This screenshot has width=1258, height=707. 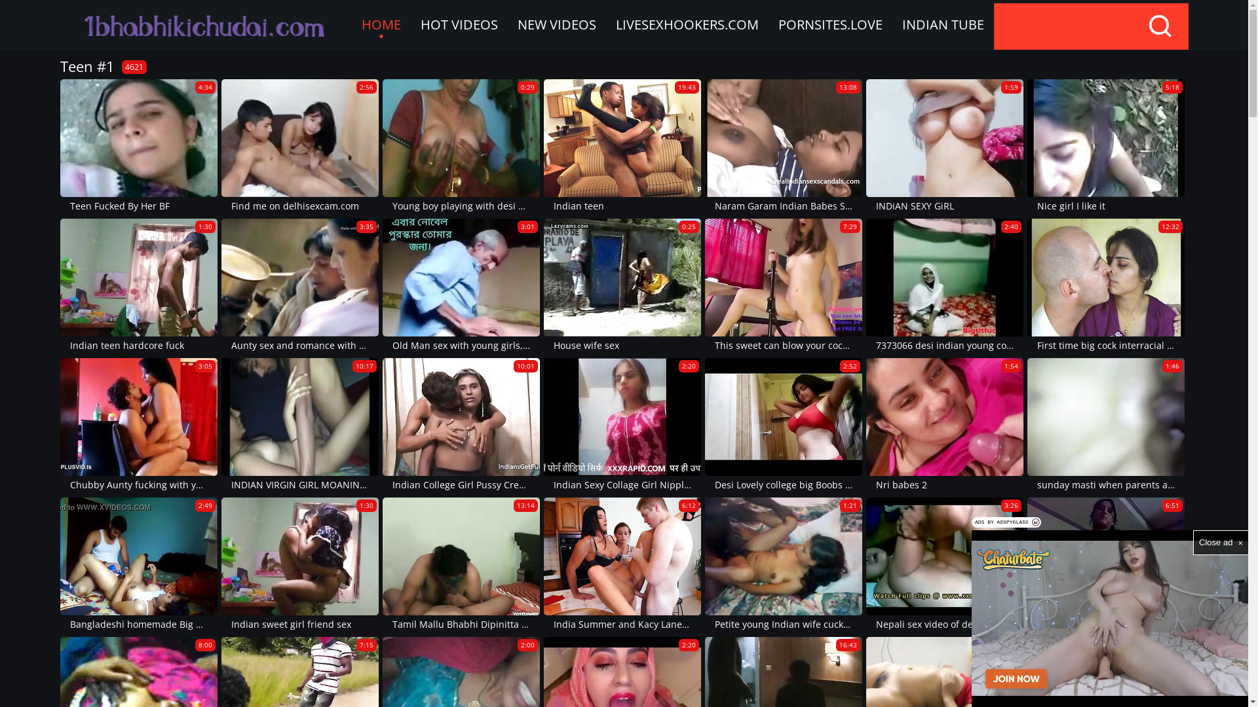 I want to click on '1:46, so click(x=1027, y=426).